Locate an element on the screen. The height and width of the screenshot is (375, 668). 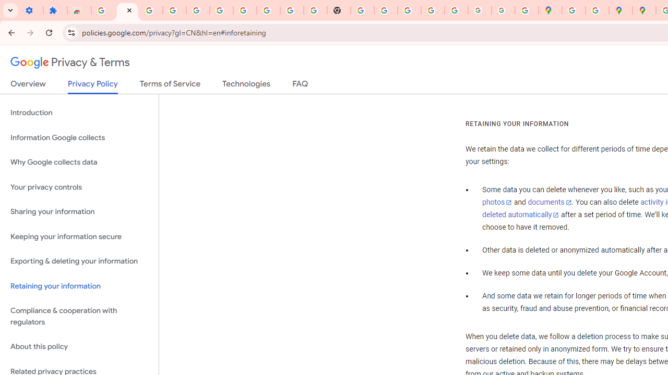
'New Tab' is located at coordinates (339, 10).